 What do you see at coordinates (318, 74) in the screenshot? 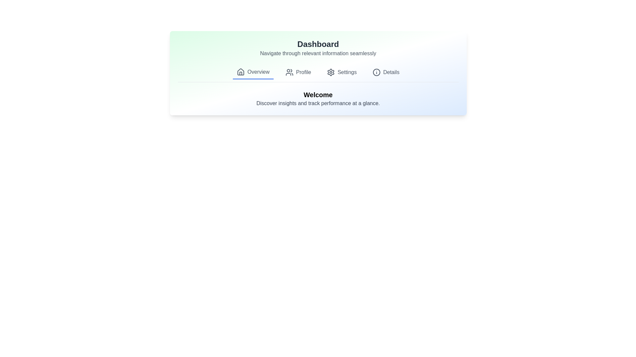
I see `the 'Profile' button in the Navigation Bar` at bounding box center [318, 74].